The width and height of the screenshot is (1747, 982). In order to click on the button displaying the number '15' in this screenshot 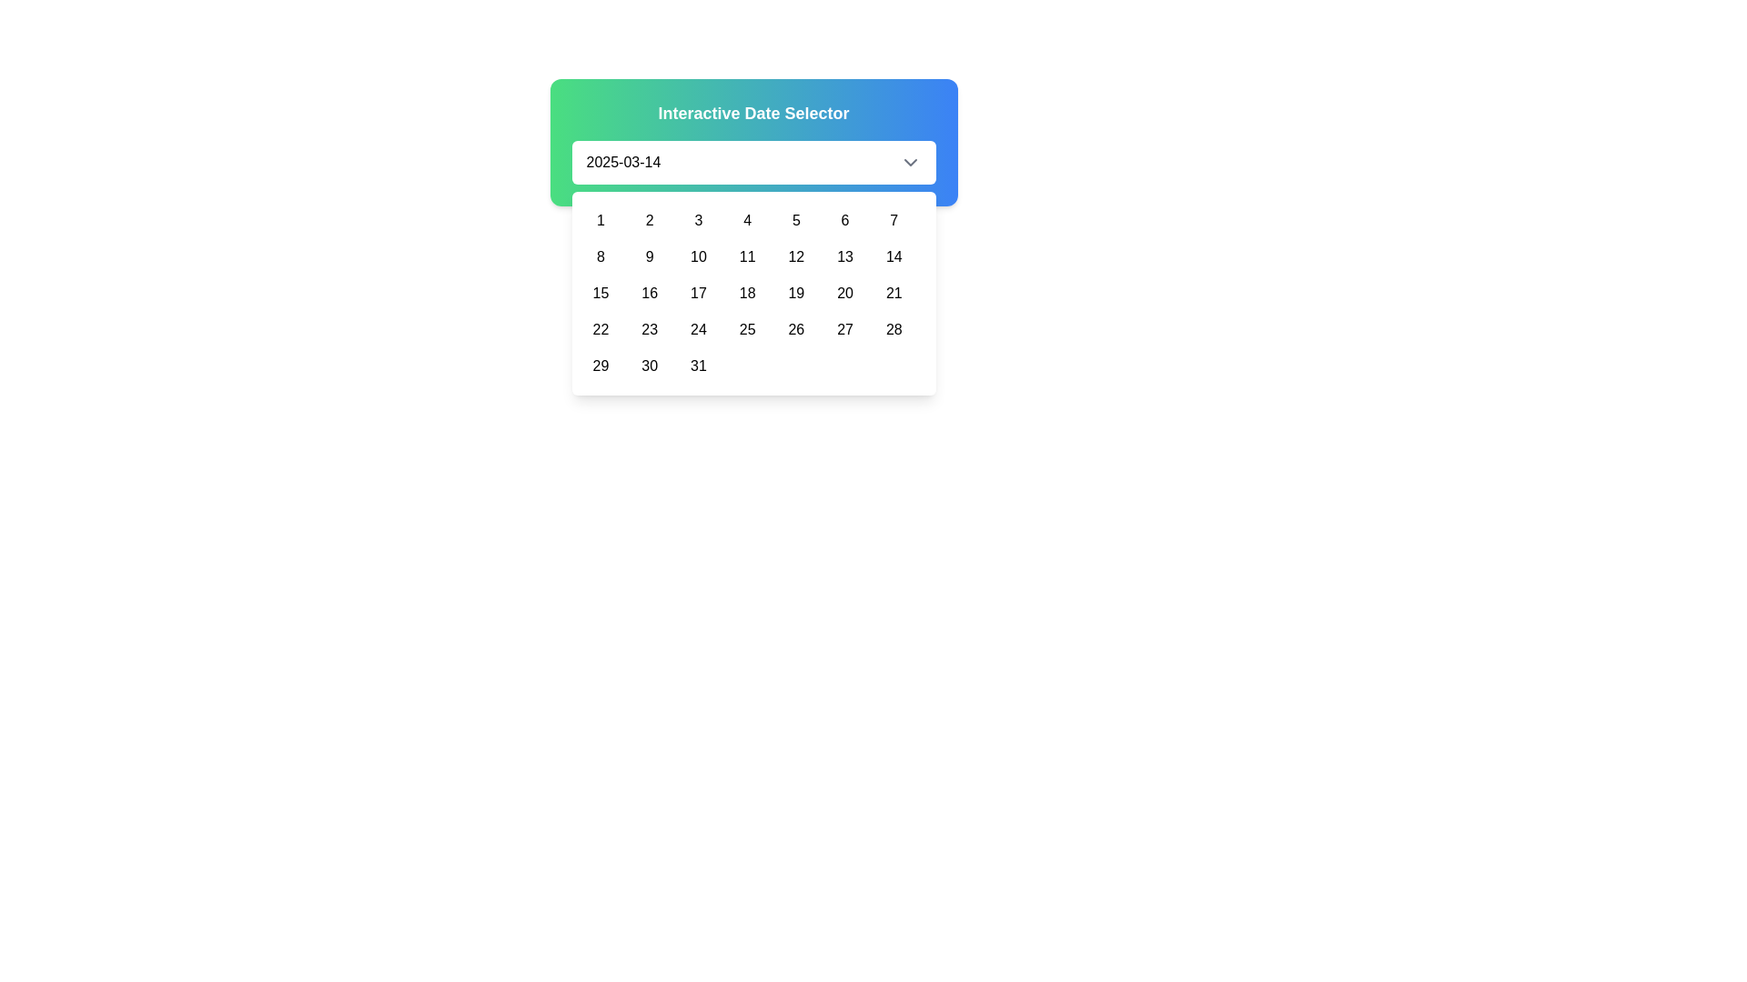, I will do `click(601, 293)`.